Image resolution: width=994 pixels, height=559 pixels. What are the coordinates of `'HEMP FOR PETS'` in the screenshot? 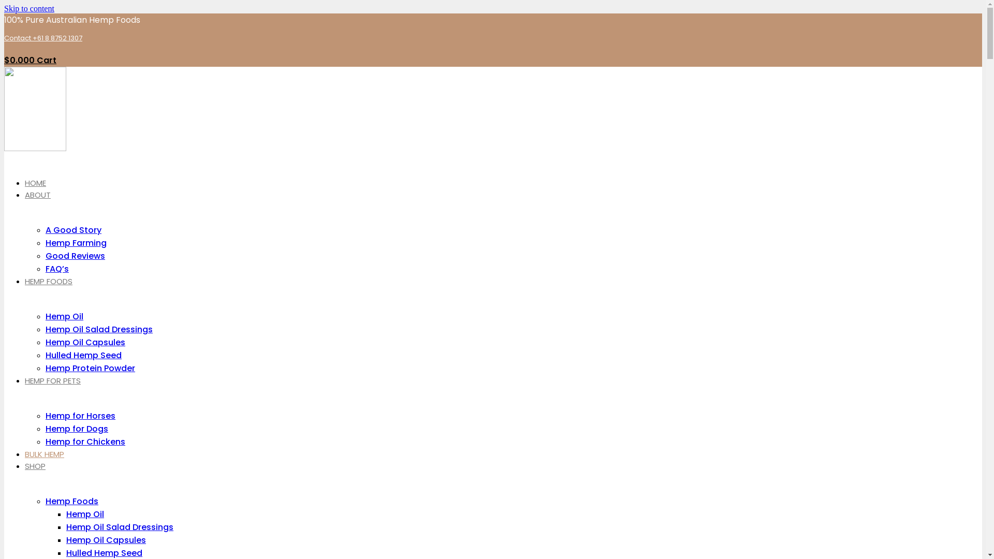 It's located at (52, 380).